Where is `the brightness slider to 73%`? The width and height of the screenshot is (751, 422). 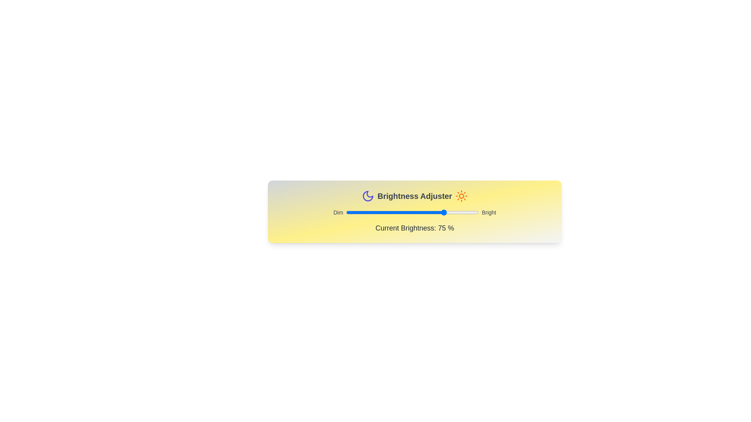
the brightness slider to 73% is located at coordinates (443, 212).